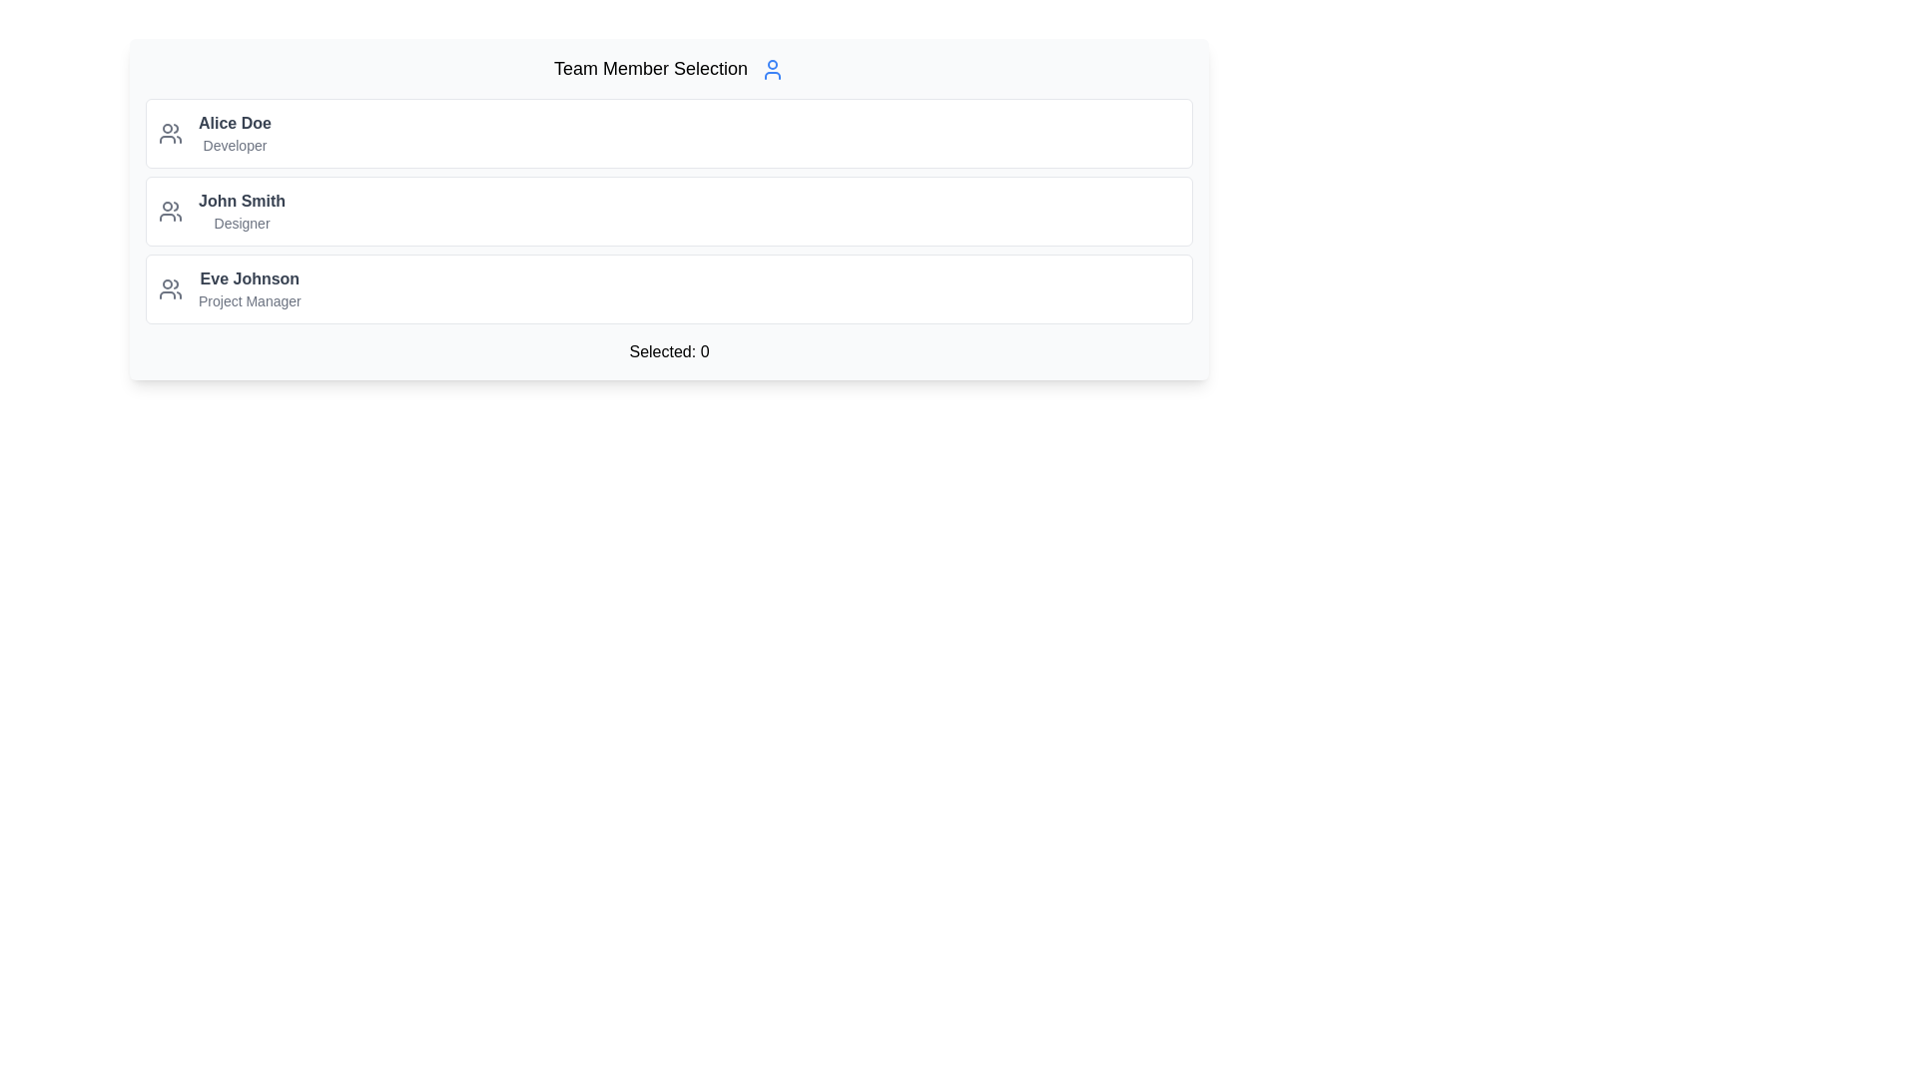  I want to click on text from the text block containing 'Alice Doe' in bold and 'Developer' in a smaller, lighter gray font, located at the top of the user cards list, so click(235, 134).